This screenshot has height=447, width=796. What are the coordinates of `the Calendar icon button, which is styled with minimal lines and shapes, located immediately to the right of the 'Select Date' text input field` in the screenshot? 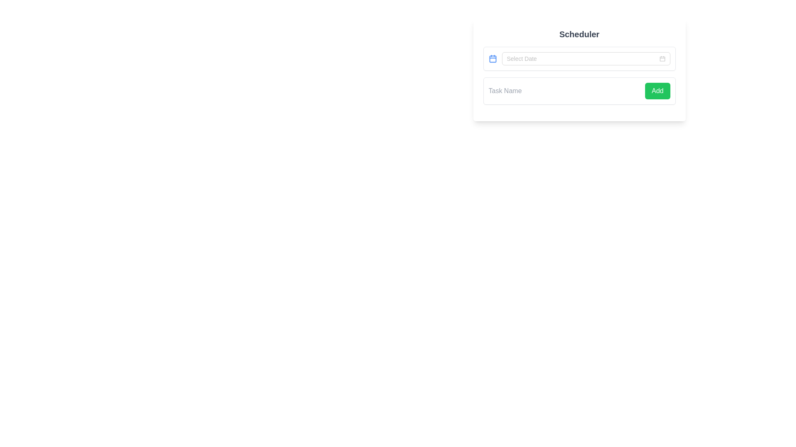 It's located at (662, 58).